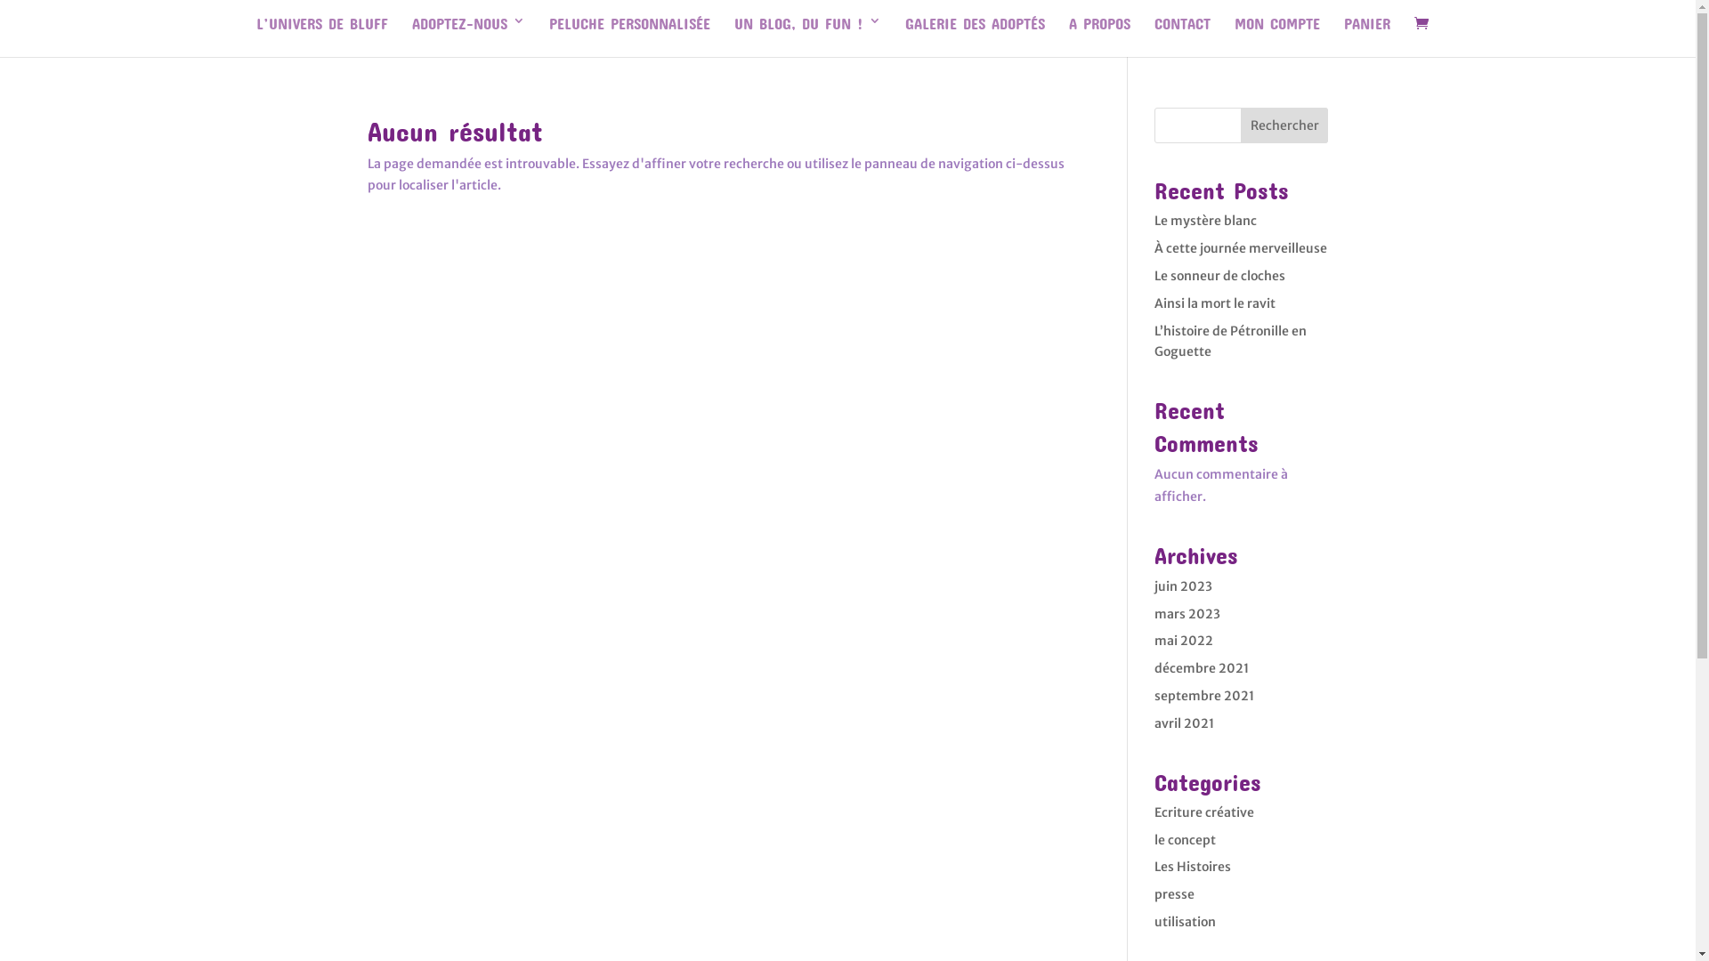 The width and height of the screenshot is (1709, 961). I want to click on 'CONTACT', so click(1154, 35).